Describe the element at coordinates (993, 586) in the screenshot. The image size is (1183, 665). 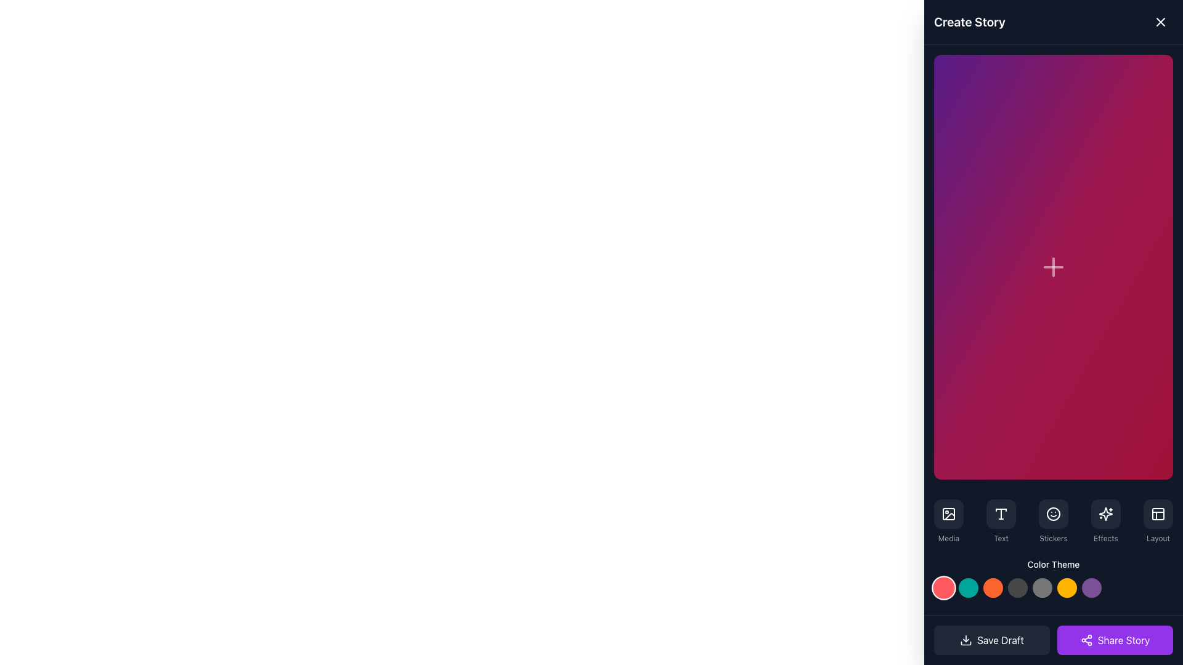
I see `the third circular button in a sequence of seven buttons located at the center of the bottom section of the interface` at that location.